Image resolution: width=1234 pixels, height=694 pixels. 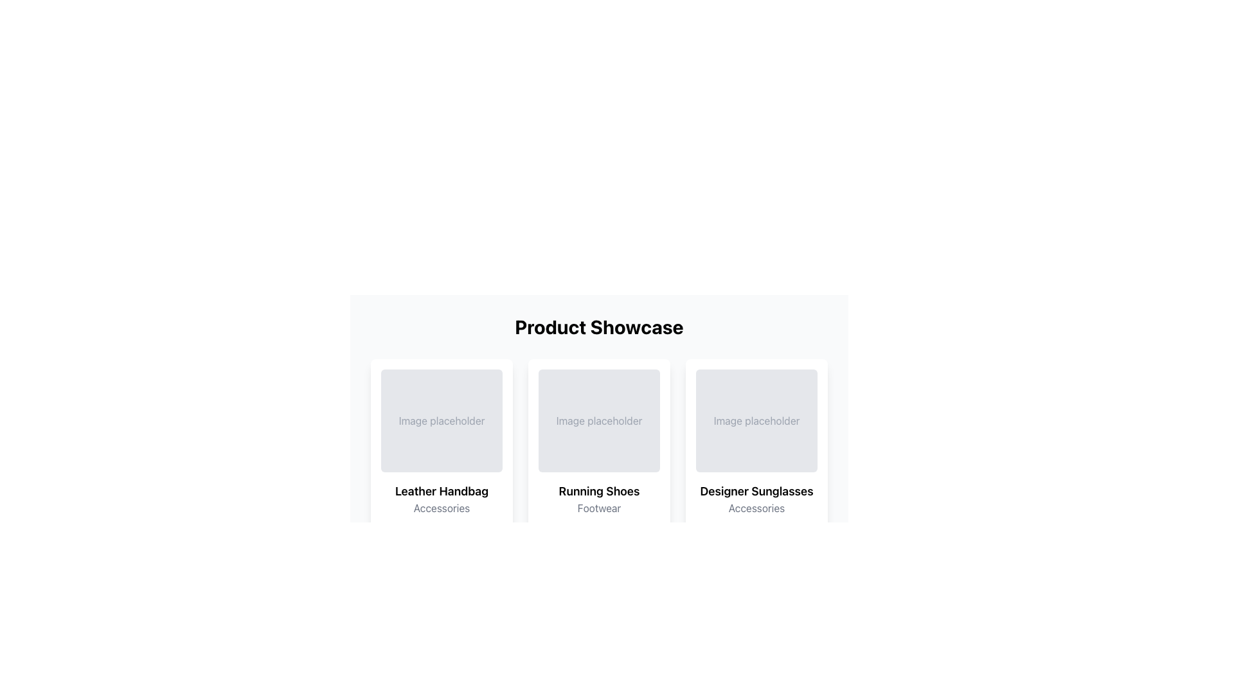 What do you see at coordinates (442, 491) in the screenshot?
I see `the product name displayed` at bounding box center [442, 491].